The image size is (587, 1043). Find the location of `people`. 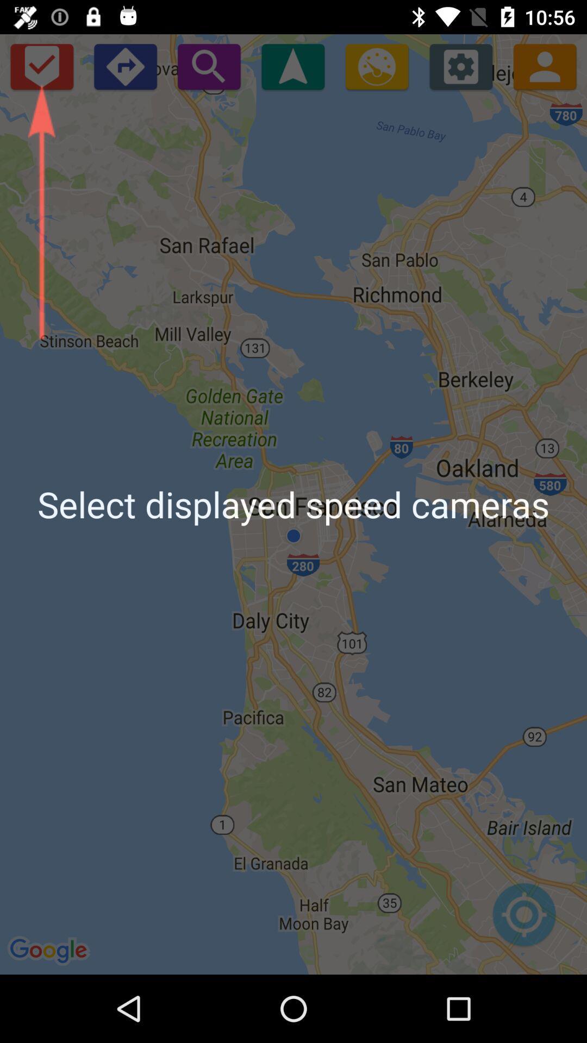

people is located at coordinates (545, 66).